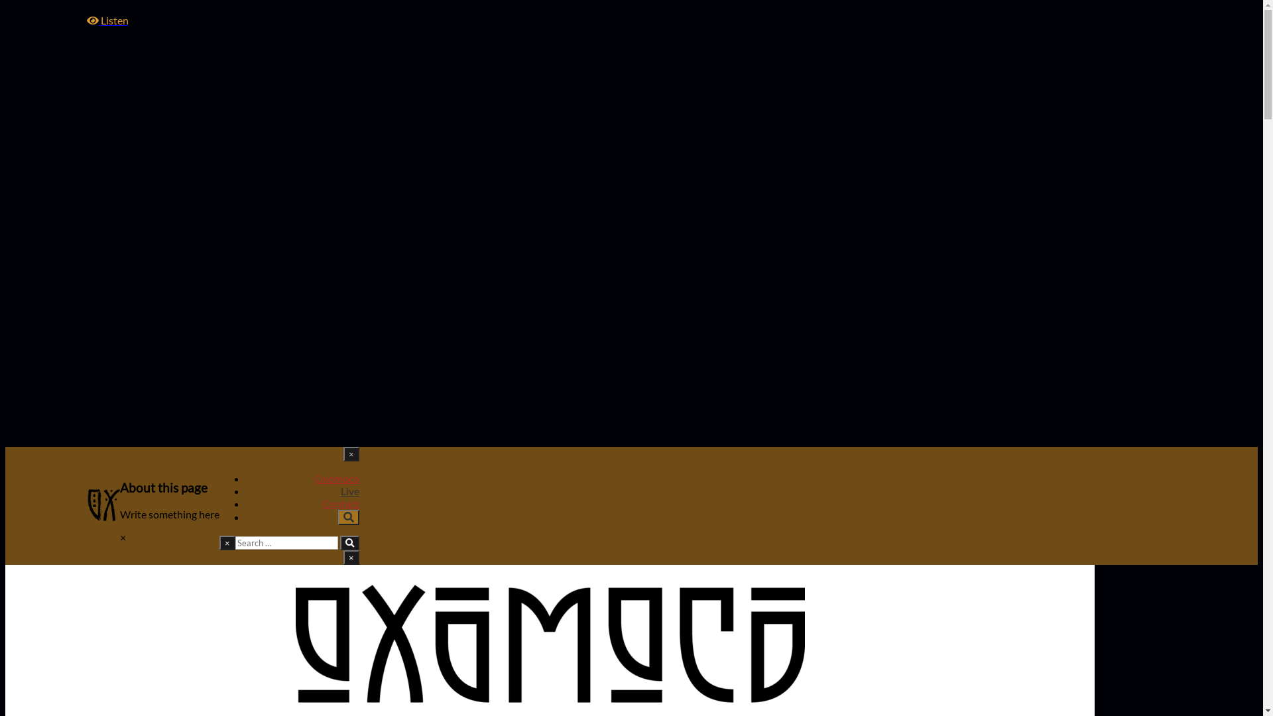  I want to click on 'Listen', so click(107, 20).